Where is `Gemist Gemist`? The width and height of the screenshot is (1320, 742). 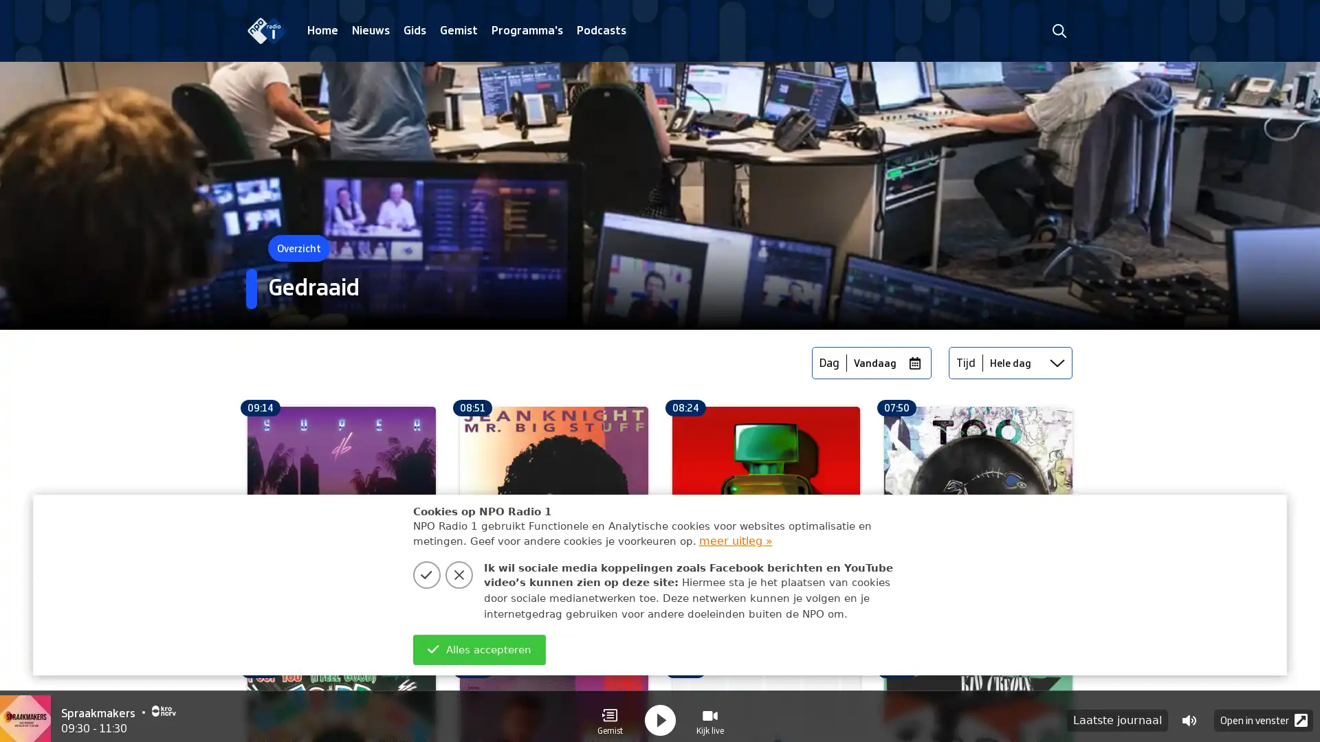 Gemist Gemist is located at coordinates (609, 712).